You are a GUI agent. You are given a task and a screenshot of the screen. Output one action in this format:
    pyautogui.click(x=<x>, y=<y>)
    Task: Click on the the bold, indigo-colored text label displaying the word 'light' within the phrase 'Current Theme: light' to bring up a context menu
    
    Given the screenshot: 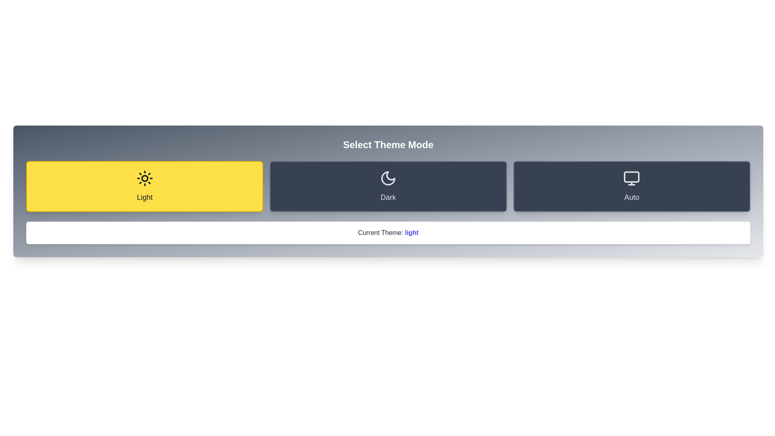 What is the action you would take?
    pyautogui.click(x=411, y=232)
    